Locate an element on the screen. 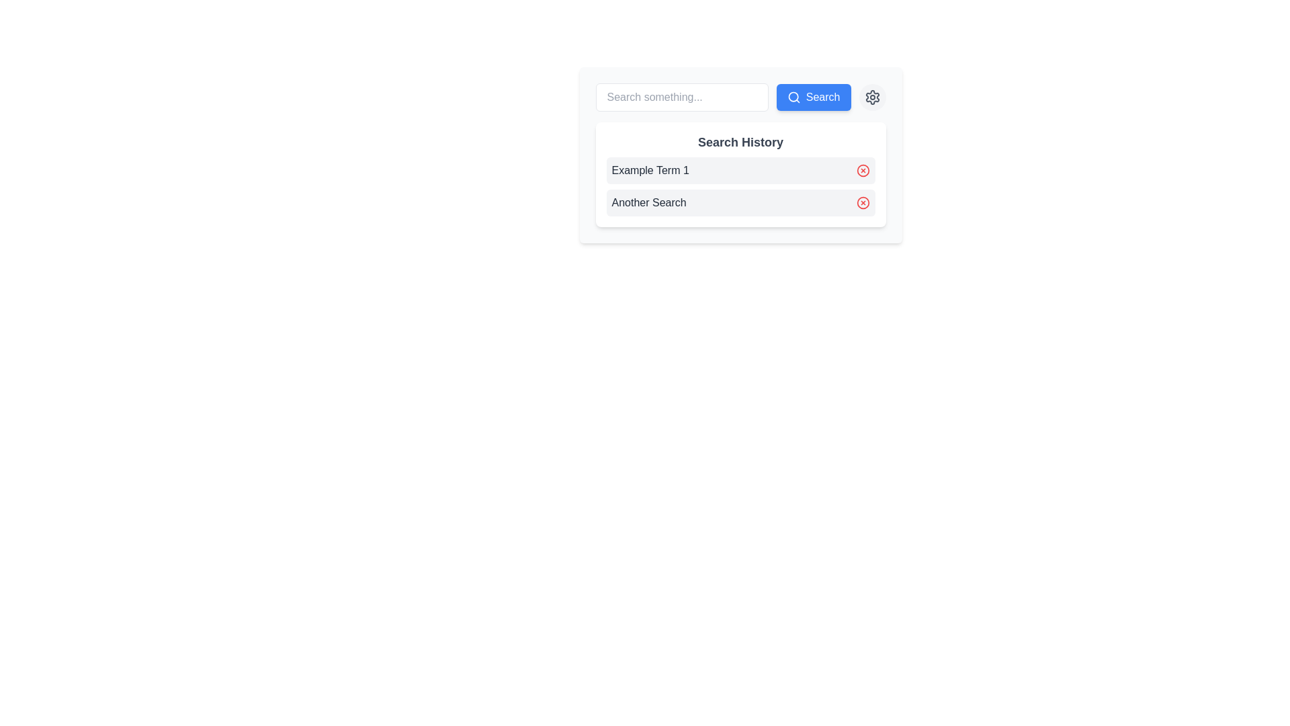  the leftmost Text input box to focus it for user input is located at coordinates (682, 97).